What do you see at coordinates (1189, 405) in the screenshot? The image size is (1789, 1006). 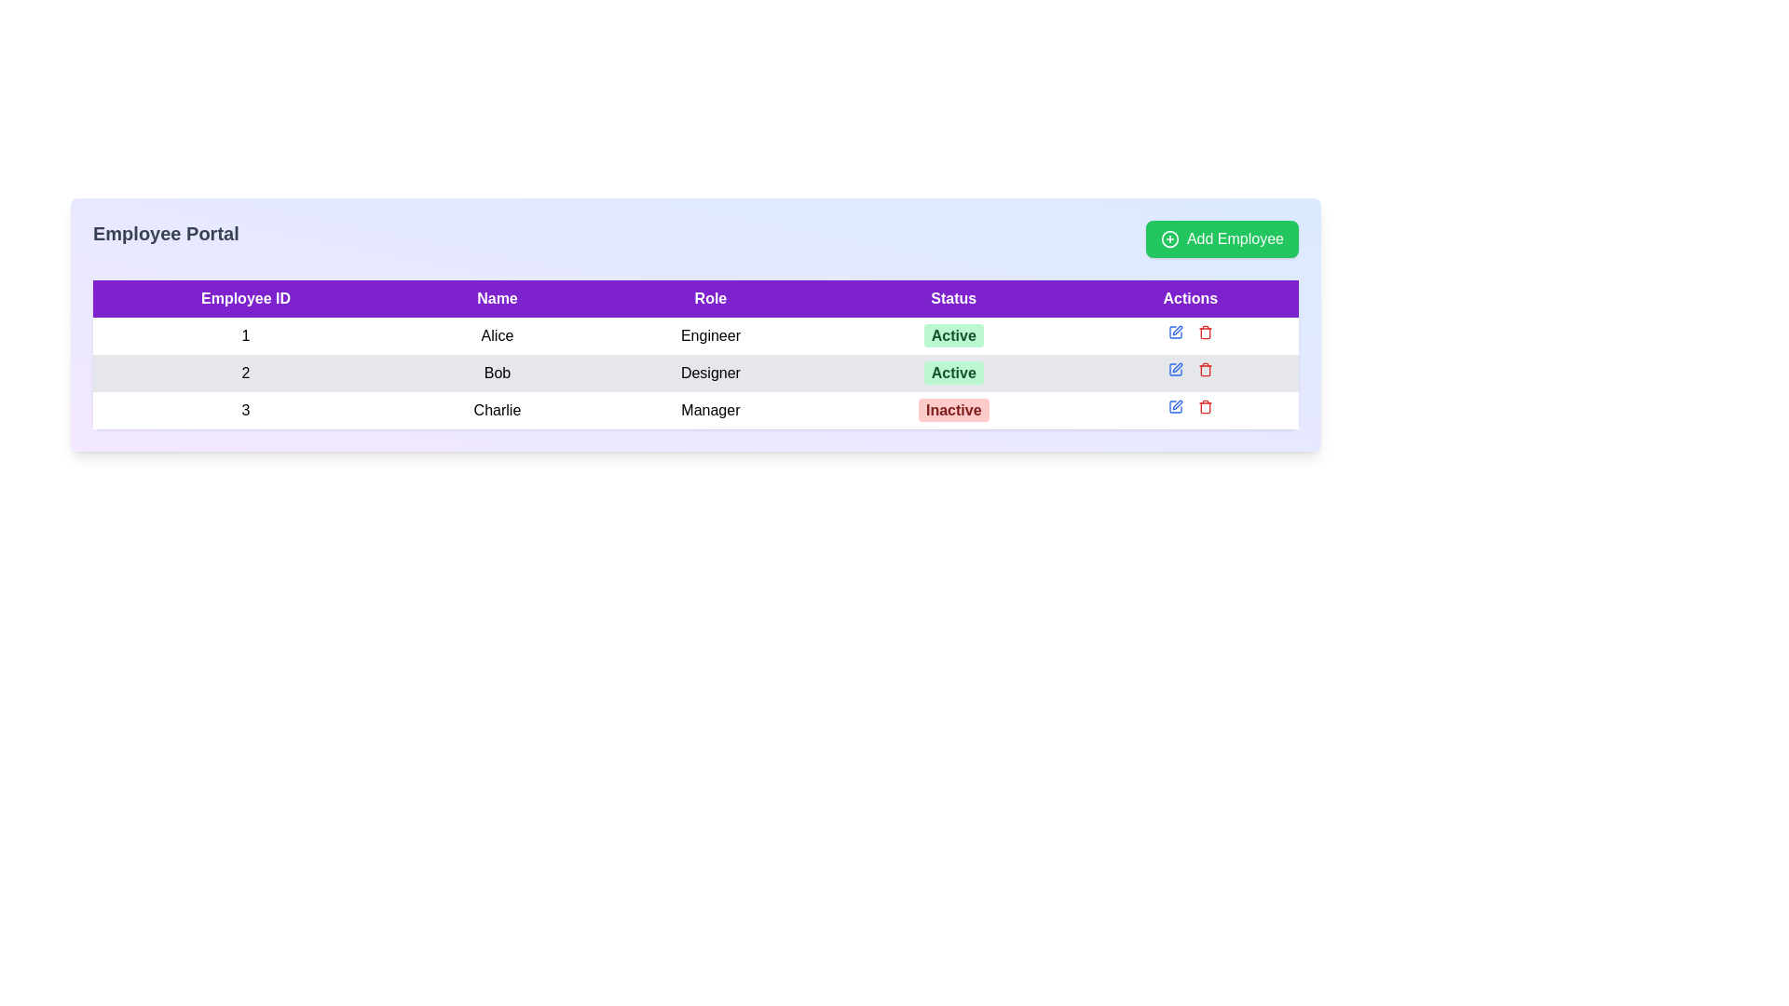 I see `the red delete icon in the Actions column of the third row in the employee details table to trigger hover effects` at bounding box center [1189, 405].